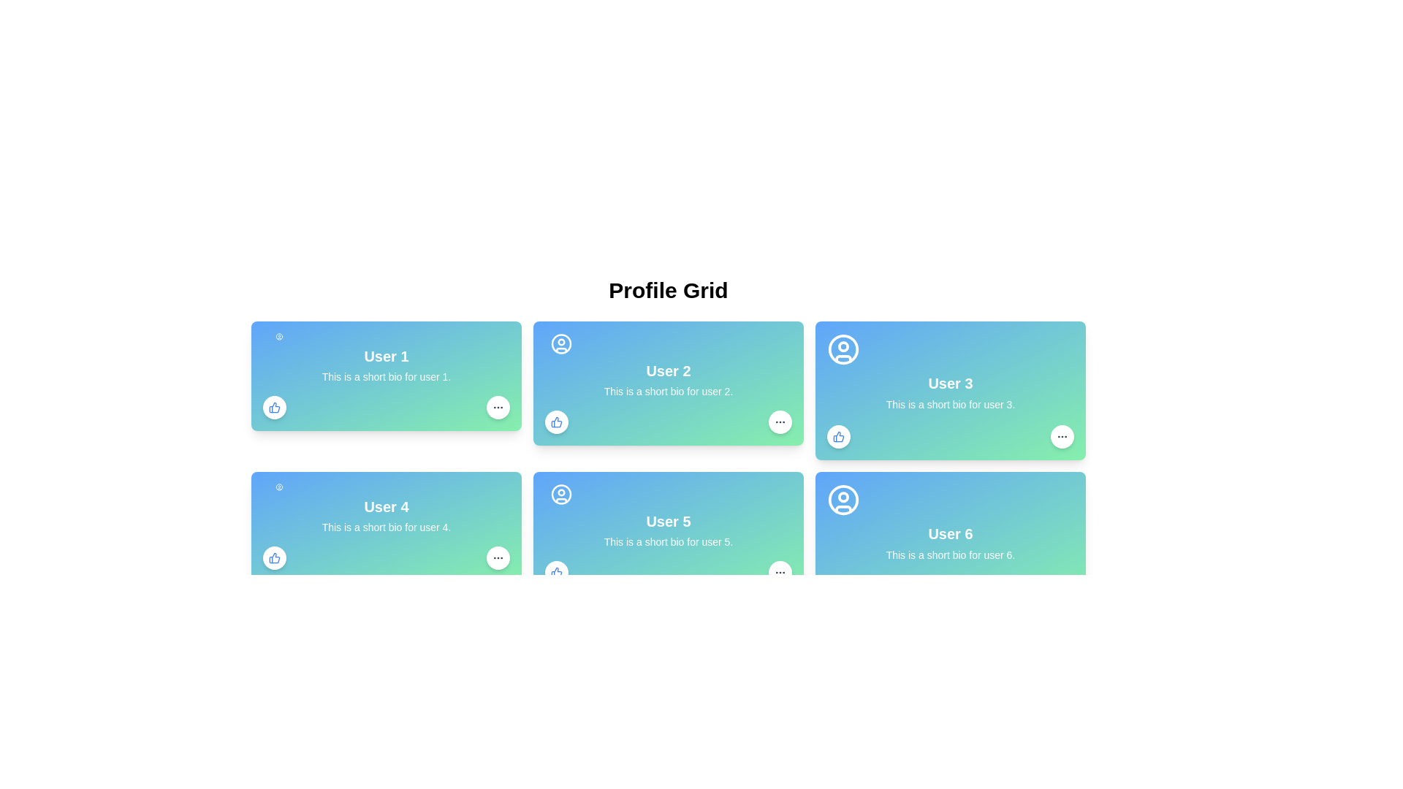 This screenshot has width=1403, height=789. What do you see at coordinates (556, 571) in the screenshot?
I see `the thumbs-up icon located at the lower-left corner of the card labeled 'User 5' to express approval` at bounding box center [556, 571].